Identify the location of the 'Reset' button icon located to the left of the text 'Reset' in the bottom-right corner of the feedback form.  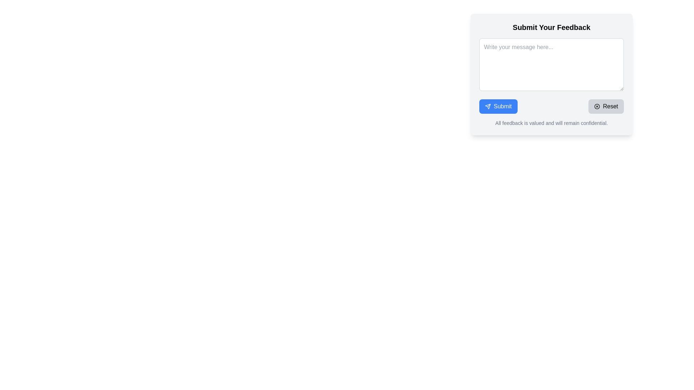
(597, 106).